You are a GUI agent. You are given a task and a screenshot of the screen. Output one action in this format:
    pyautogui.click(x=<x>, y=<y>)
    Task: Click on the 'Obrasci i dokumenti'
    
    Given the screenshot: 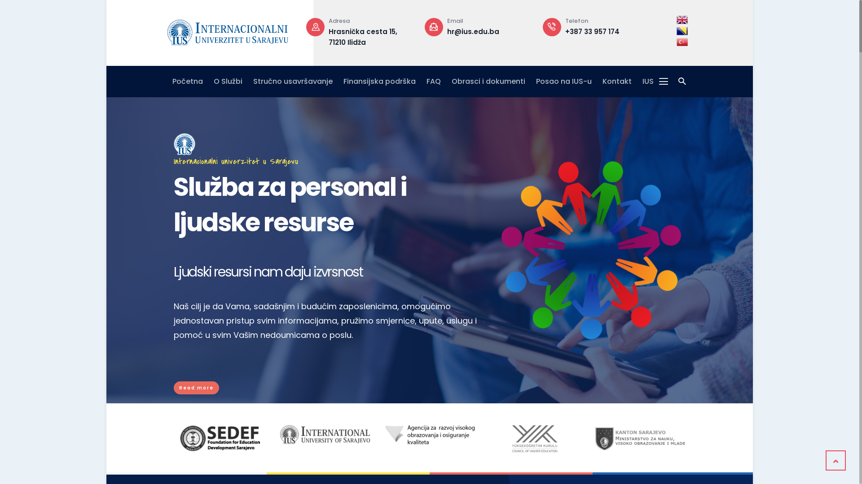 What is the action you would take?
    pyautogui.click(x=488, y=81)
    